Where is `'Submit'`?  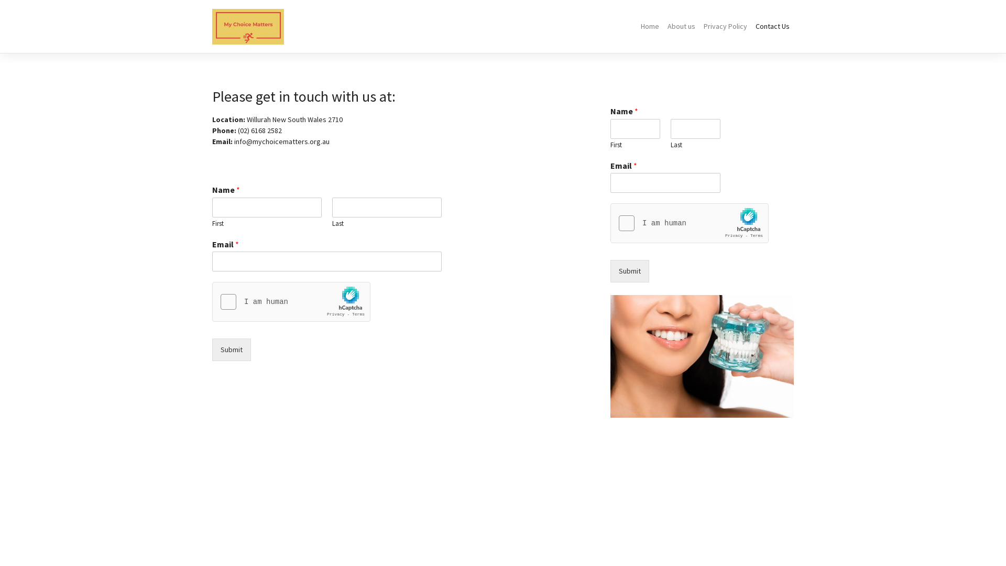 'Submit' is located at coordinates (231, 350).